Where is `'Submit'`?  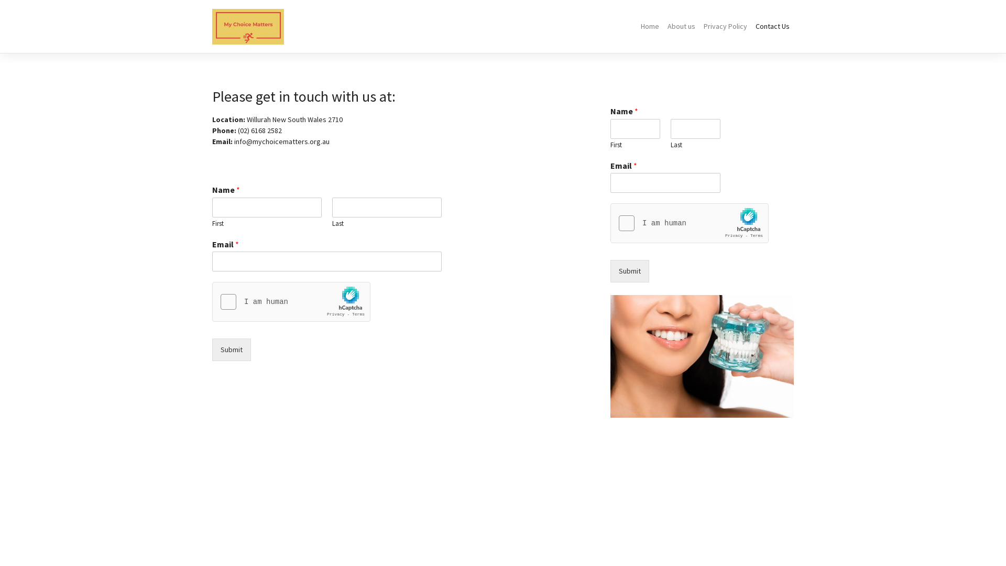 'Submit' is located at coordinates (231, 350).